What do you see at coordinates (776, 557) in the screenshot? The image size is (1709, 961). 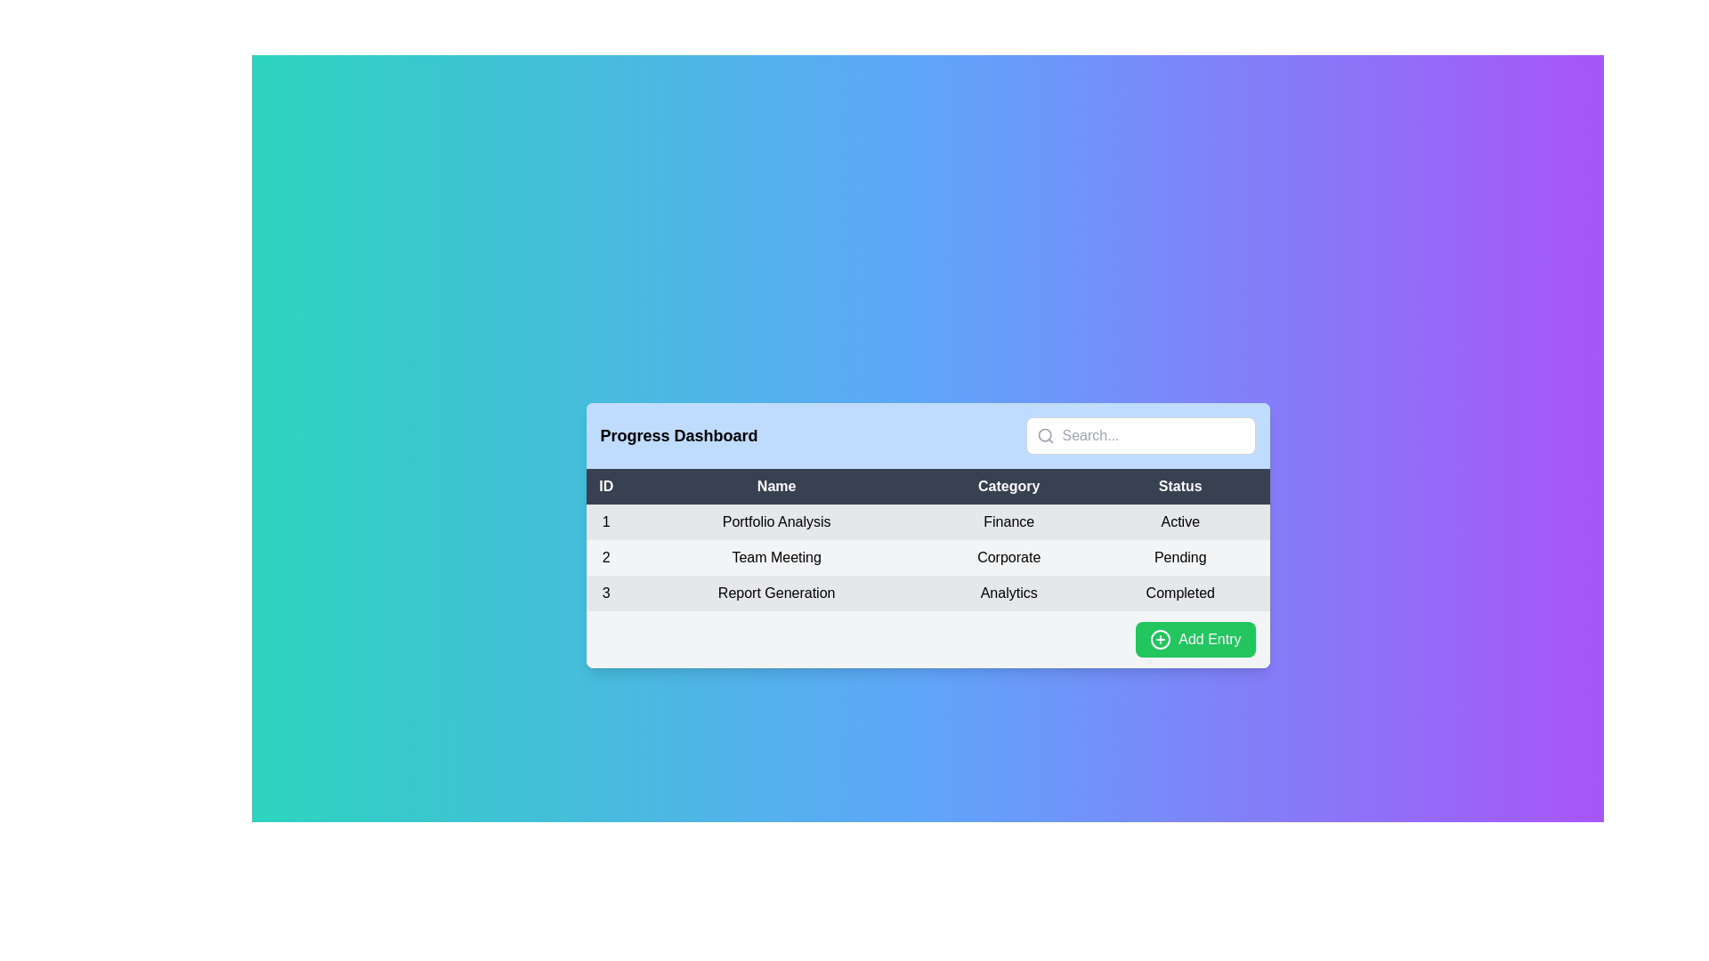 I see `the 'Team Meeting' text label in the second row of the table under the 'Name' column, which is located between the 'ID' cell and the 'Category' cell` at bounding box center [776, 557].